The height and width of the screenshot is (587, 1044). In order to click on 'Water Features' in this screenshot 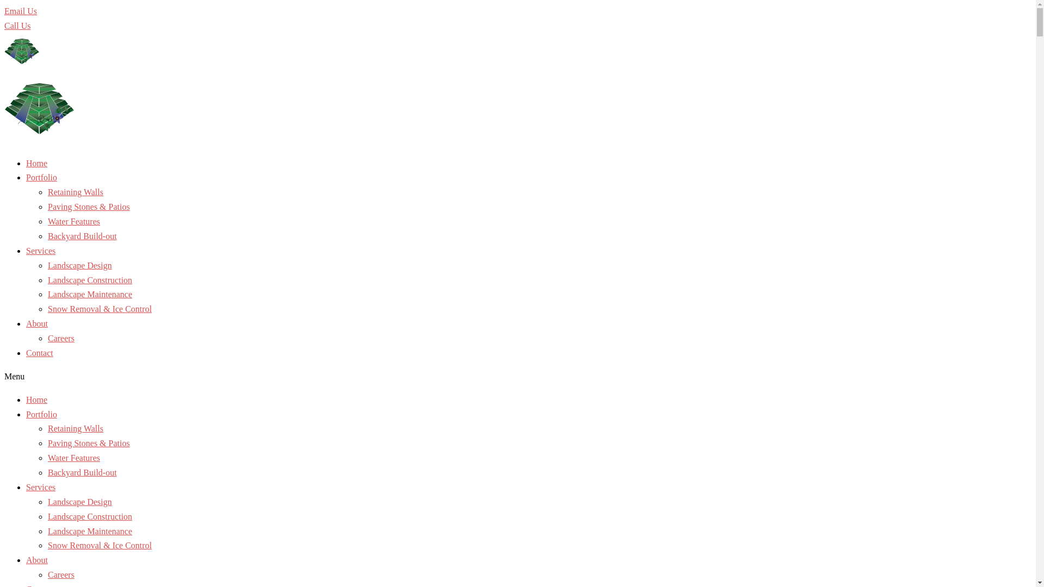, I will do `click(73, 458)`.